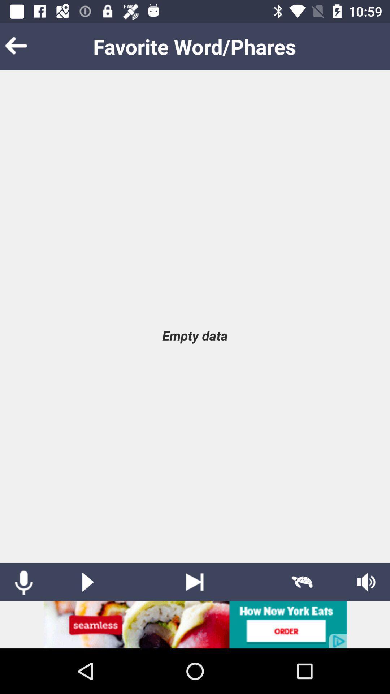  I want to click on advertisement banner, so click(195, 624).